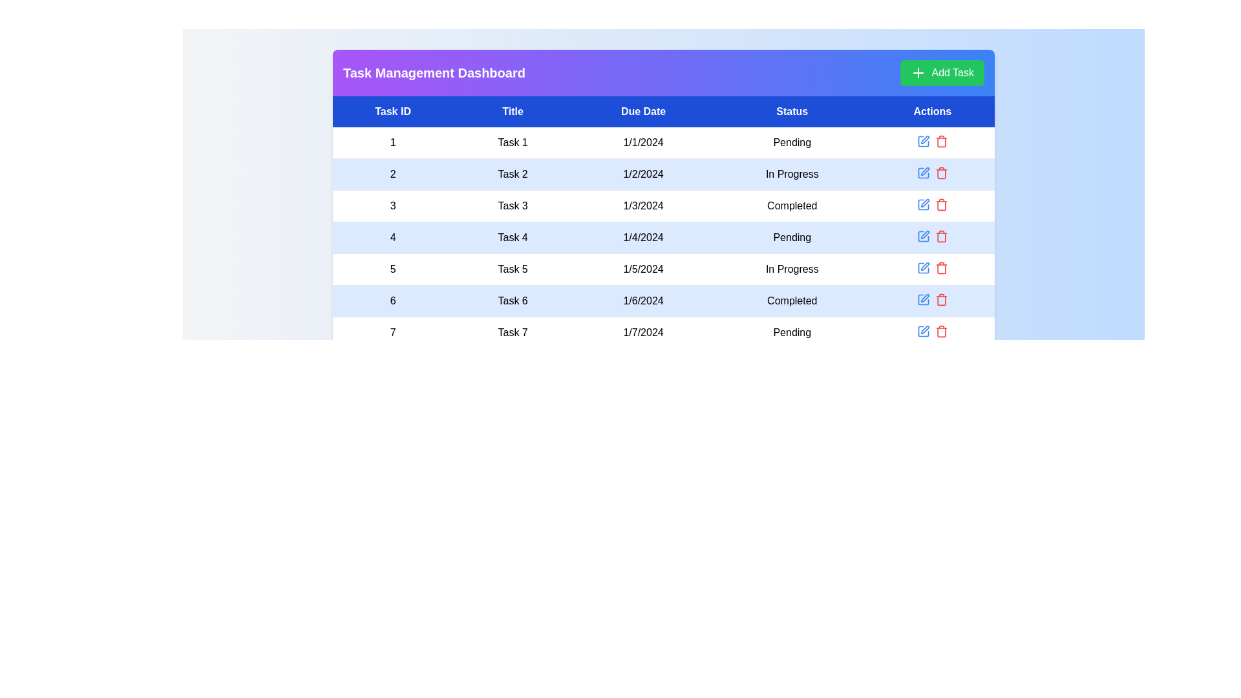  What do you see at coordinates (941, 299) in the screenshot?
I see `delete icon for the task with ID 6` at bounding box center [941, 299].